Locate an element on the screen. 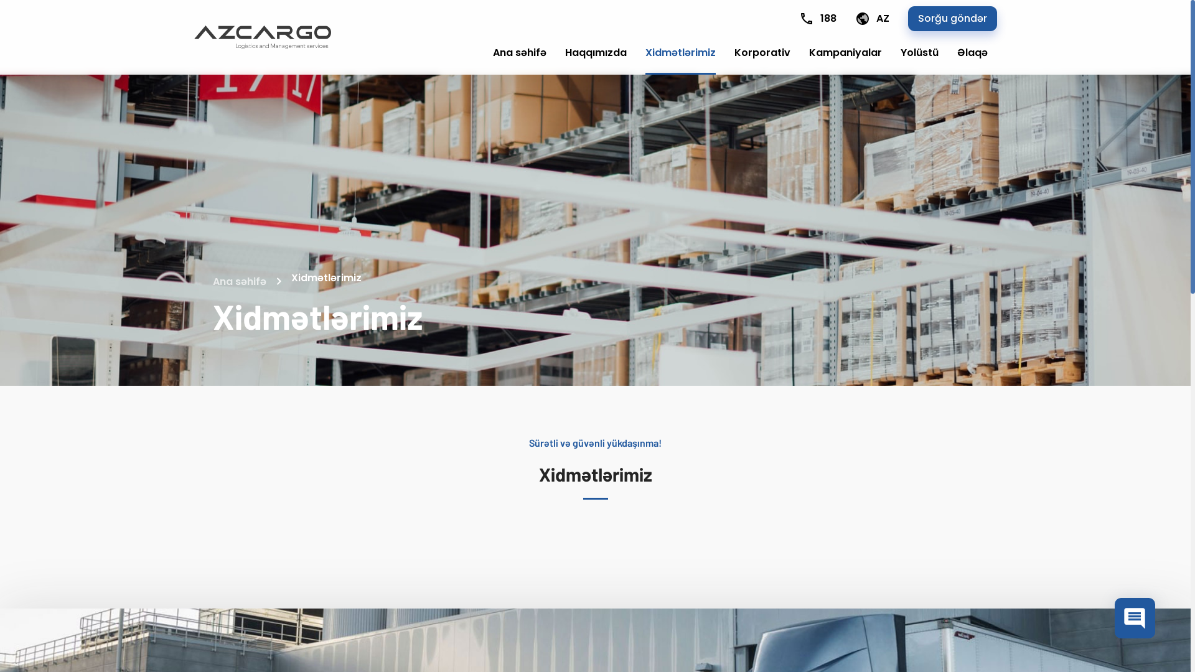 This screenshot has height=672, width=1195. 'chat' is located at coordinates (1114, 618).